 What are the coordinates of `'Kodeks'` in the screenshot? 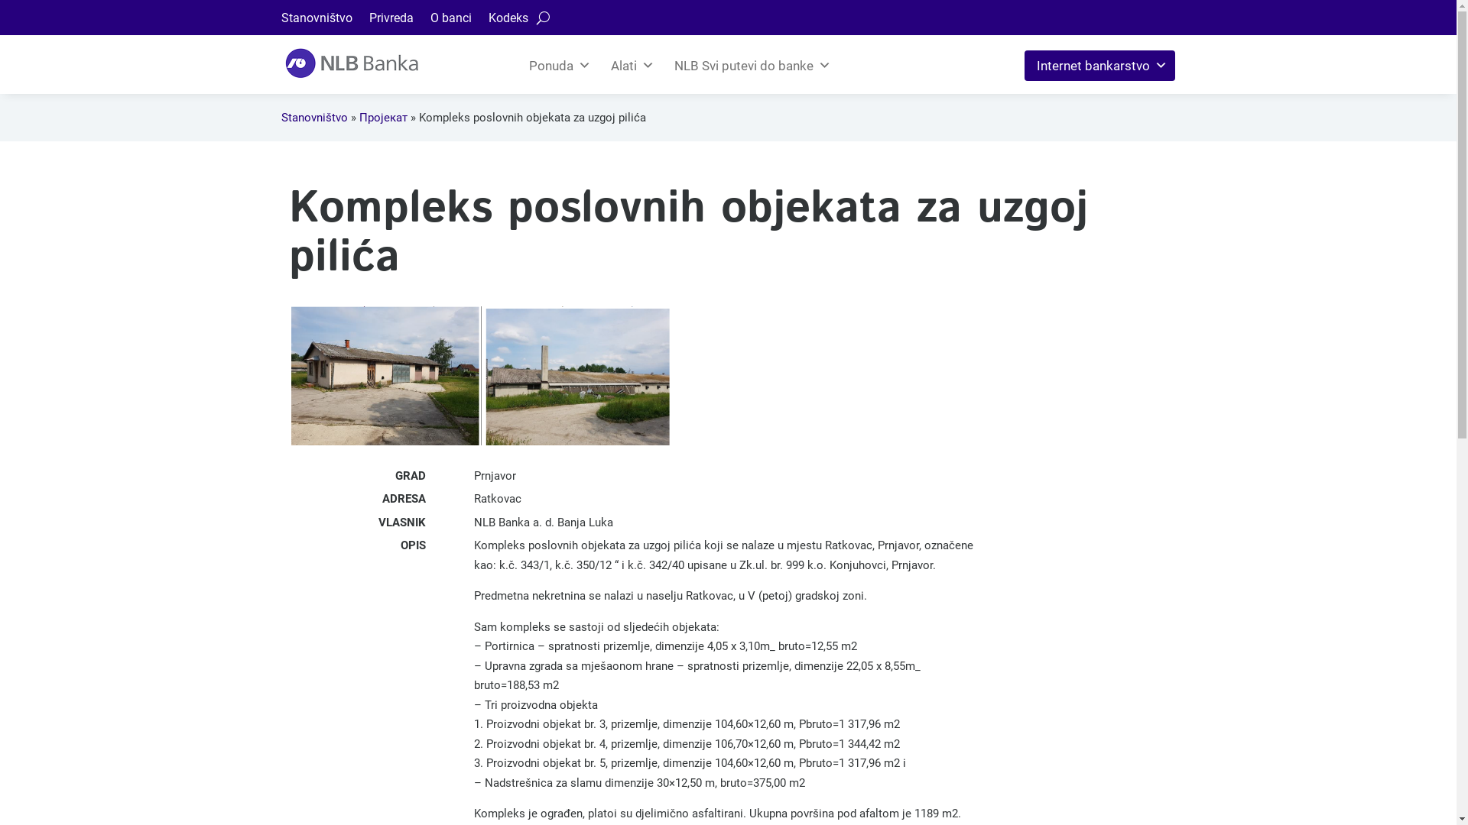 It's located at (507, 21).